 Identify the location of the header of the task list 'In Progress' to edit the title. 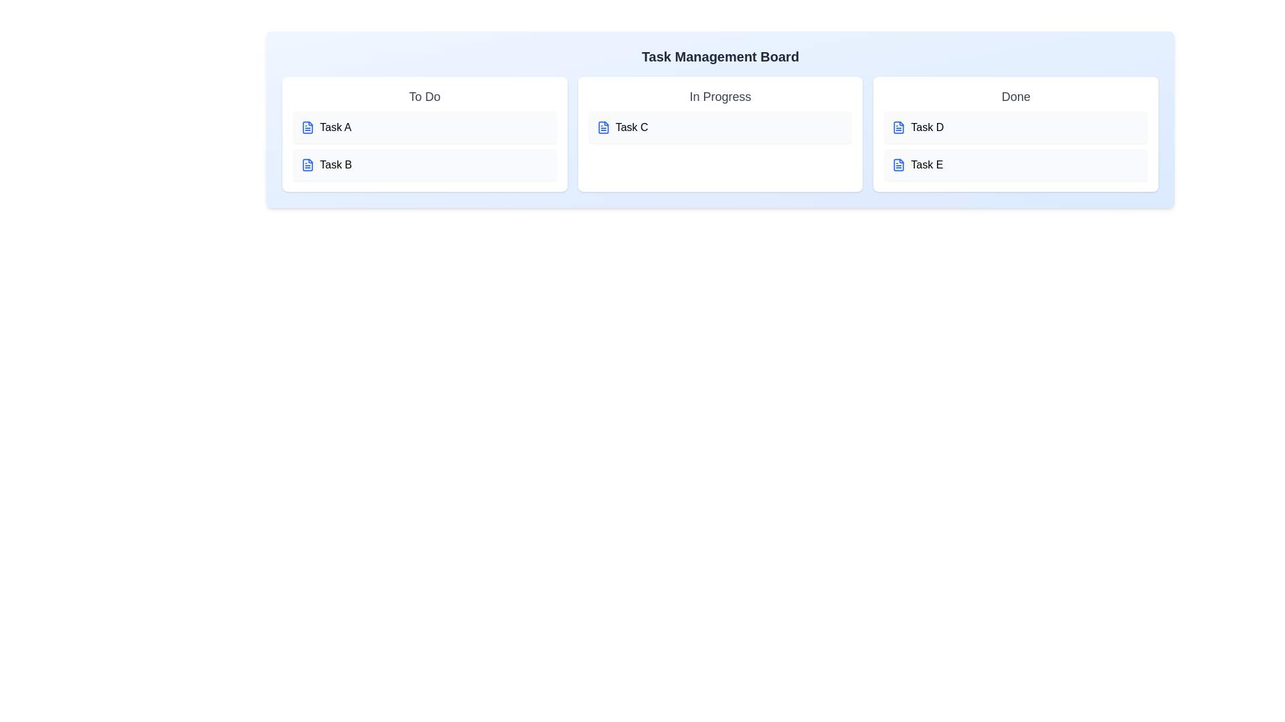
(719, 96).